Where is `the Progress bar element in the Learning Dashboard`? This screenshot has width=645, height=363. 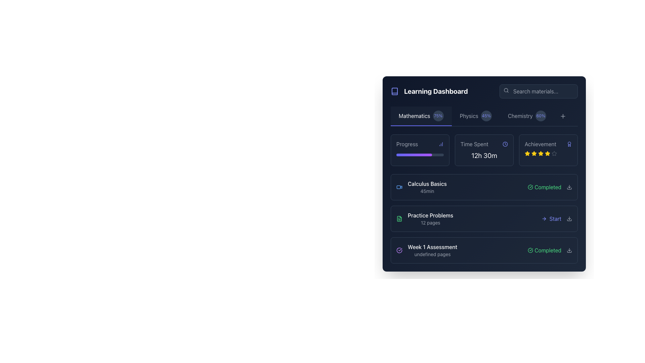
the Progress bar element in the Learning Dashboard is located at coordinates (420, 150).